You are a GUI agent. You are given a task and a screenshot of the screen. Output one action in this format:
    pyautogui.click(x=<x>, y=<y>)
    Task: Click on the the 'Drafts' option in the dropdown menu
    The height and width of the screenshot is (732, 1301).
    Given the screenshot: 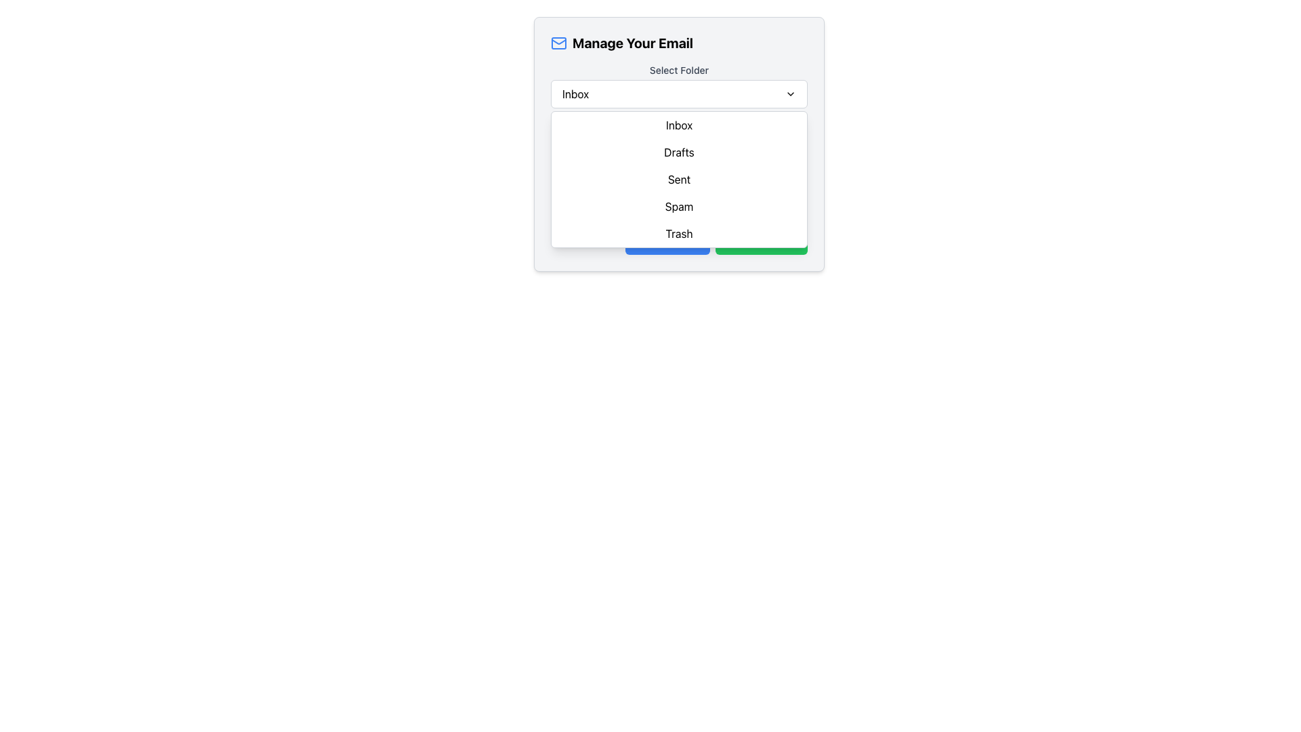 What is the action you would take?
    pyautogui.click(x=679, y=152)
    